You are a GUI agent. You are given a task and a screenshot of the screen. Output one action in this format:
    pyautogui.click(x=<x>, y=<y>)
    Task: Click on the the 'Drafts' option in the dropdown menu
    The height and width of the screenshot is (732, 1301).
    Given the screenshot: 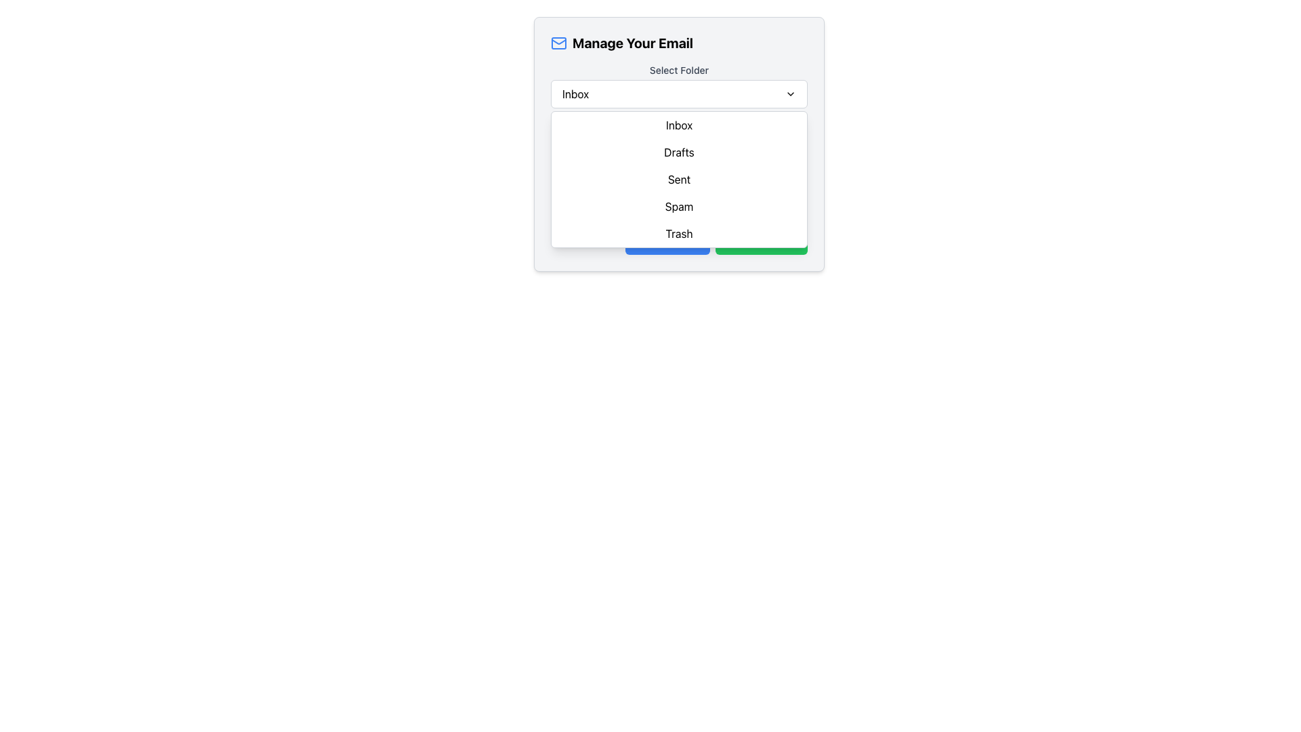 What is the action you would take?
    pyautogui.click(x=679, y=152)
    